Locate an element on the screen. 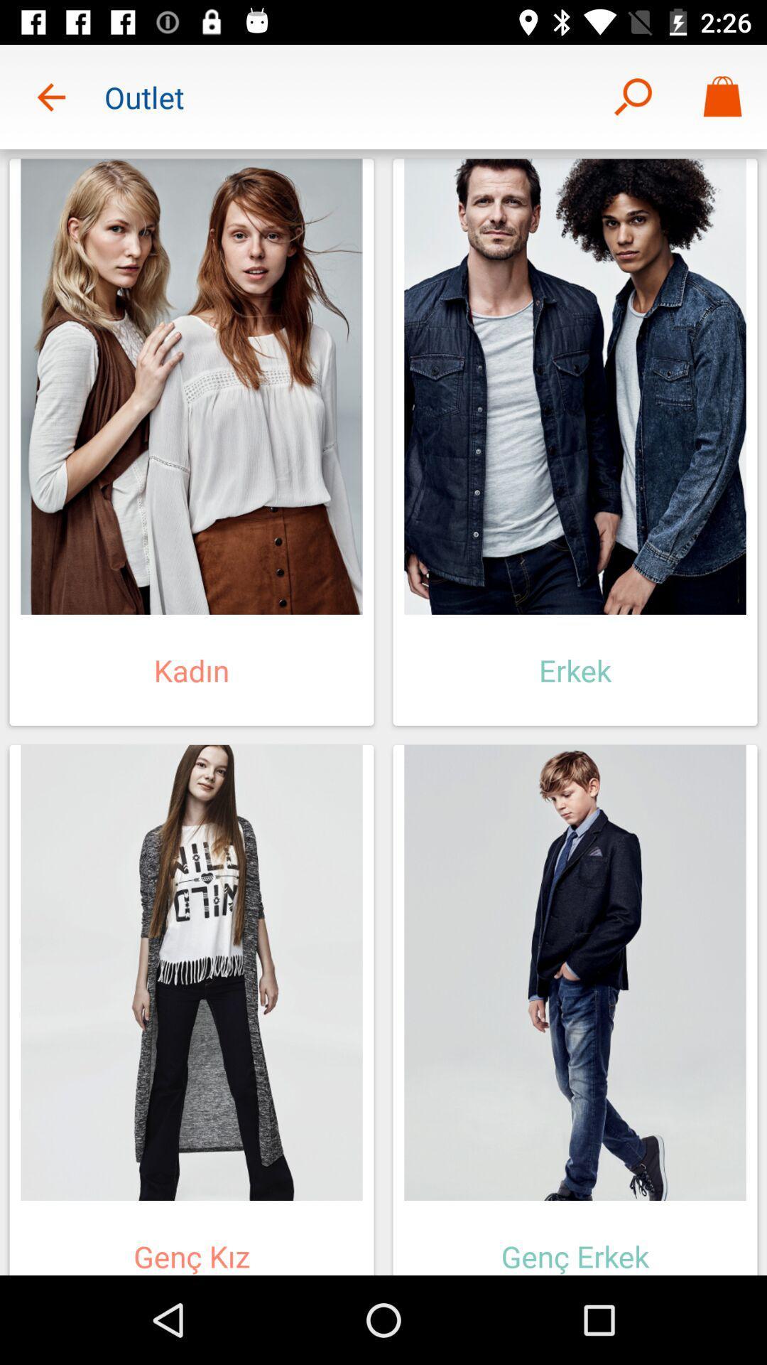 The height and width of the screenshot is (1365, 767). icon to the right of outlet item is located at coordinates (632, 96).